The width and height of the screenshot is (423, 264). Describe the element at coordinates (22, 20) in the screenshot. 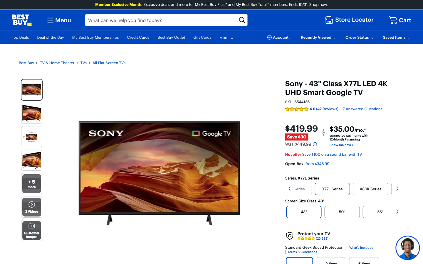

I see `Go to Best Buy home by clicking on the top left icon` at that location.